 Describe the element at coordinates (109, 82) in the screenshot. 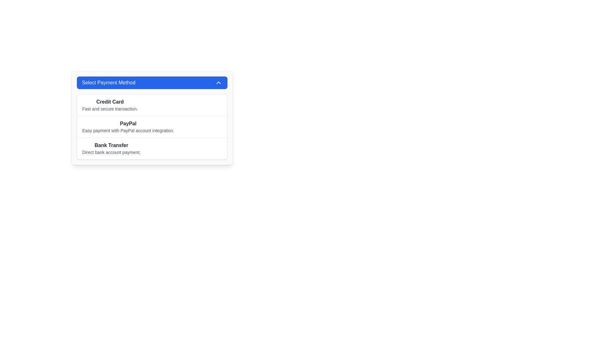

I see `the Text label that serves as the title for the payment method dropdown menu` at that location.